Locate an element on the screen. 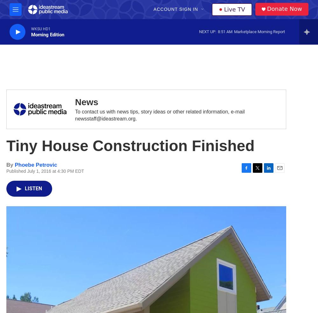 This screenshot has width=318, height=313. 'Next Up:' is located at coordinates (199, 31).